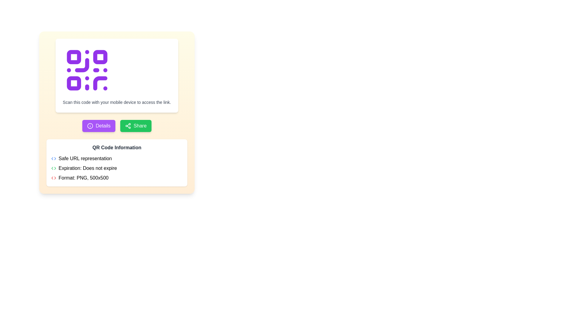 Image resolution: width=583 pixels, height=327 pixels. What do you see at coordinates (99, 126) in the screenshot?
I see `the button positioned in the lower portion of the content card, to the left of the green 'Share' button` at bounding box center [99, 126].